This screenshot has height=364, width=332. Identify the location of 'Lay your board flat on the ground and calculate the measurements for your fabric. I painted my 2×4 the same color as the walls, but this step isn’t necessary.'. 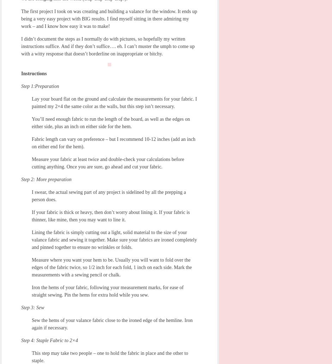
(114, 102).